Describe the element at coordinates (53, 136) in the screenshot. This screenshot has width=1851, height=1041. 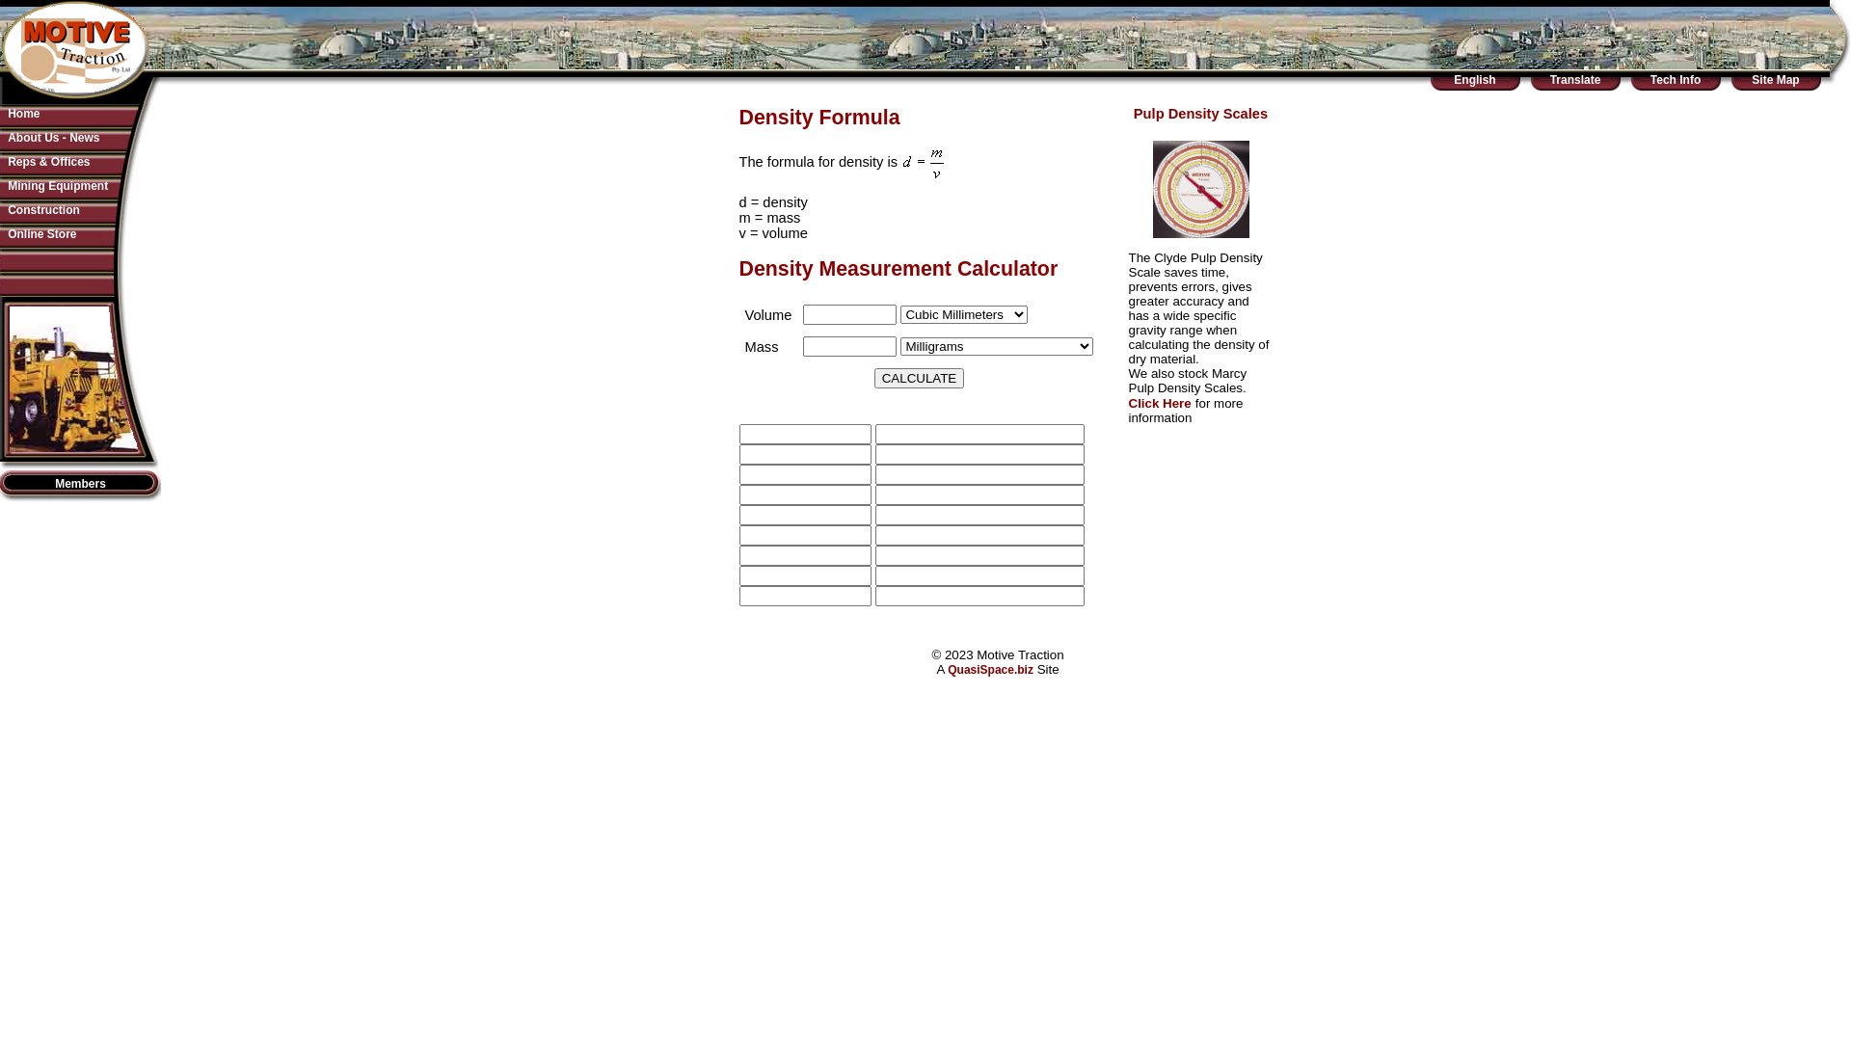
I see `'About Us - News'` at that location.